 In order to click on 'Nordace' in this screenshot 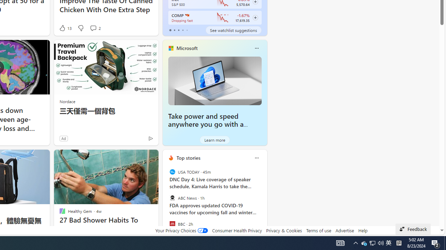, I will do `click(67, 101)`.